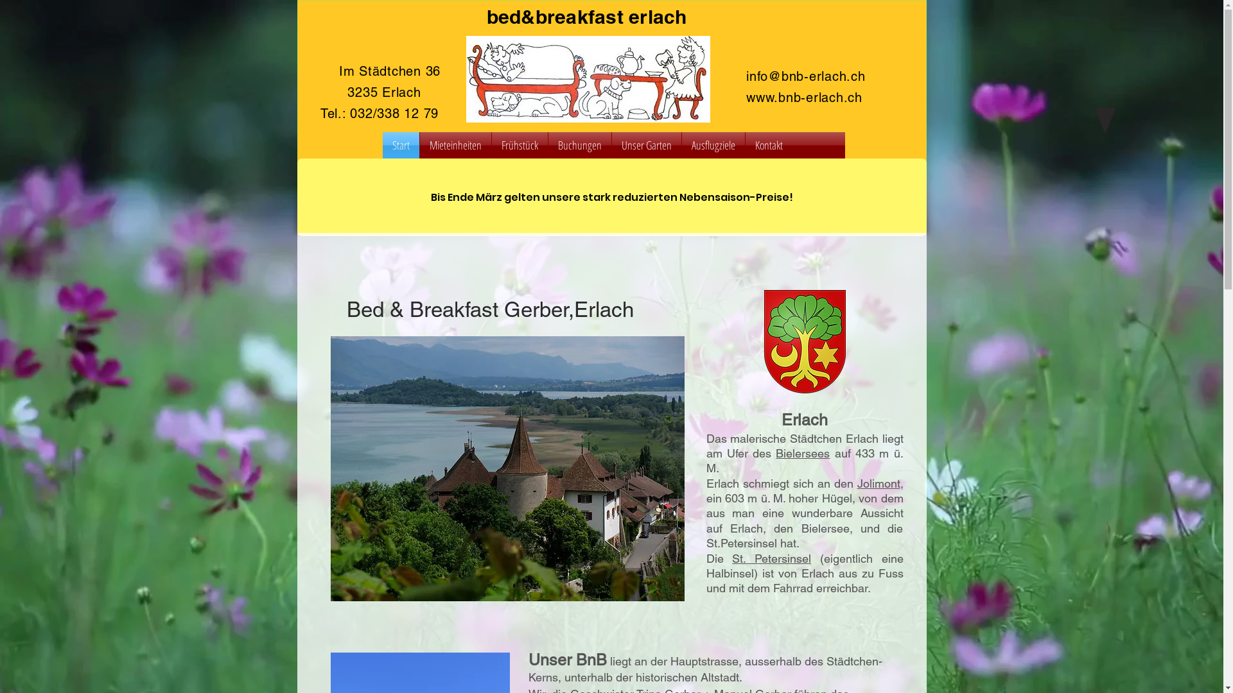 This screenshot has width=1233, height=693. What do you see at coordinates (768, 144) in the screenshot?
I see `'Kontakt'` at bounding box center [768, 144].